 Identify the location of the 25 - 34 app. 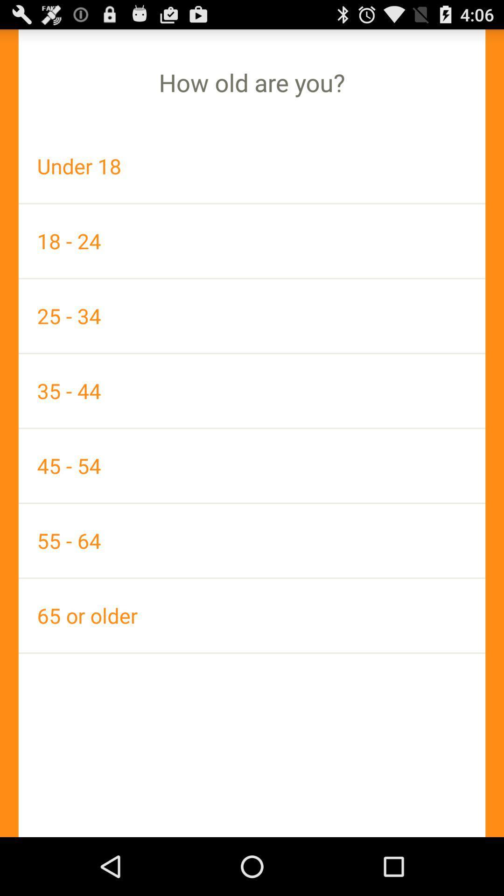
(252, 316).